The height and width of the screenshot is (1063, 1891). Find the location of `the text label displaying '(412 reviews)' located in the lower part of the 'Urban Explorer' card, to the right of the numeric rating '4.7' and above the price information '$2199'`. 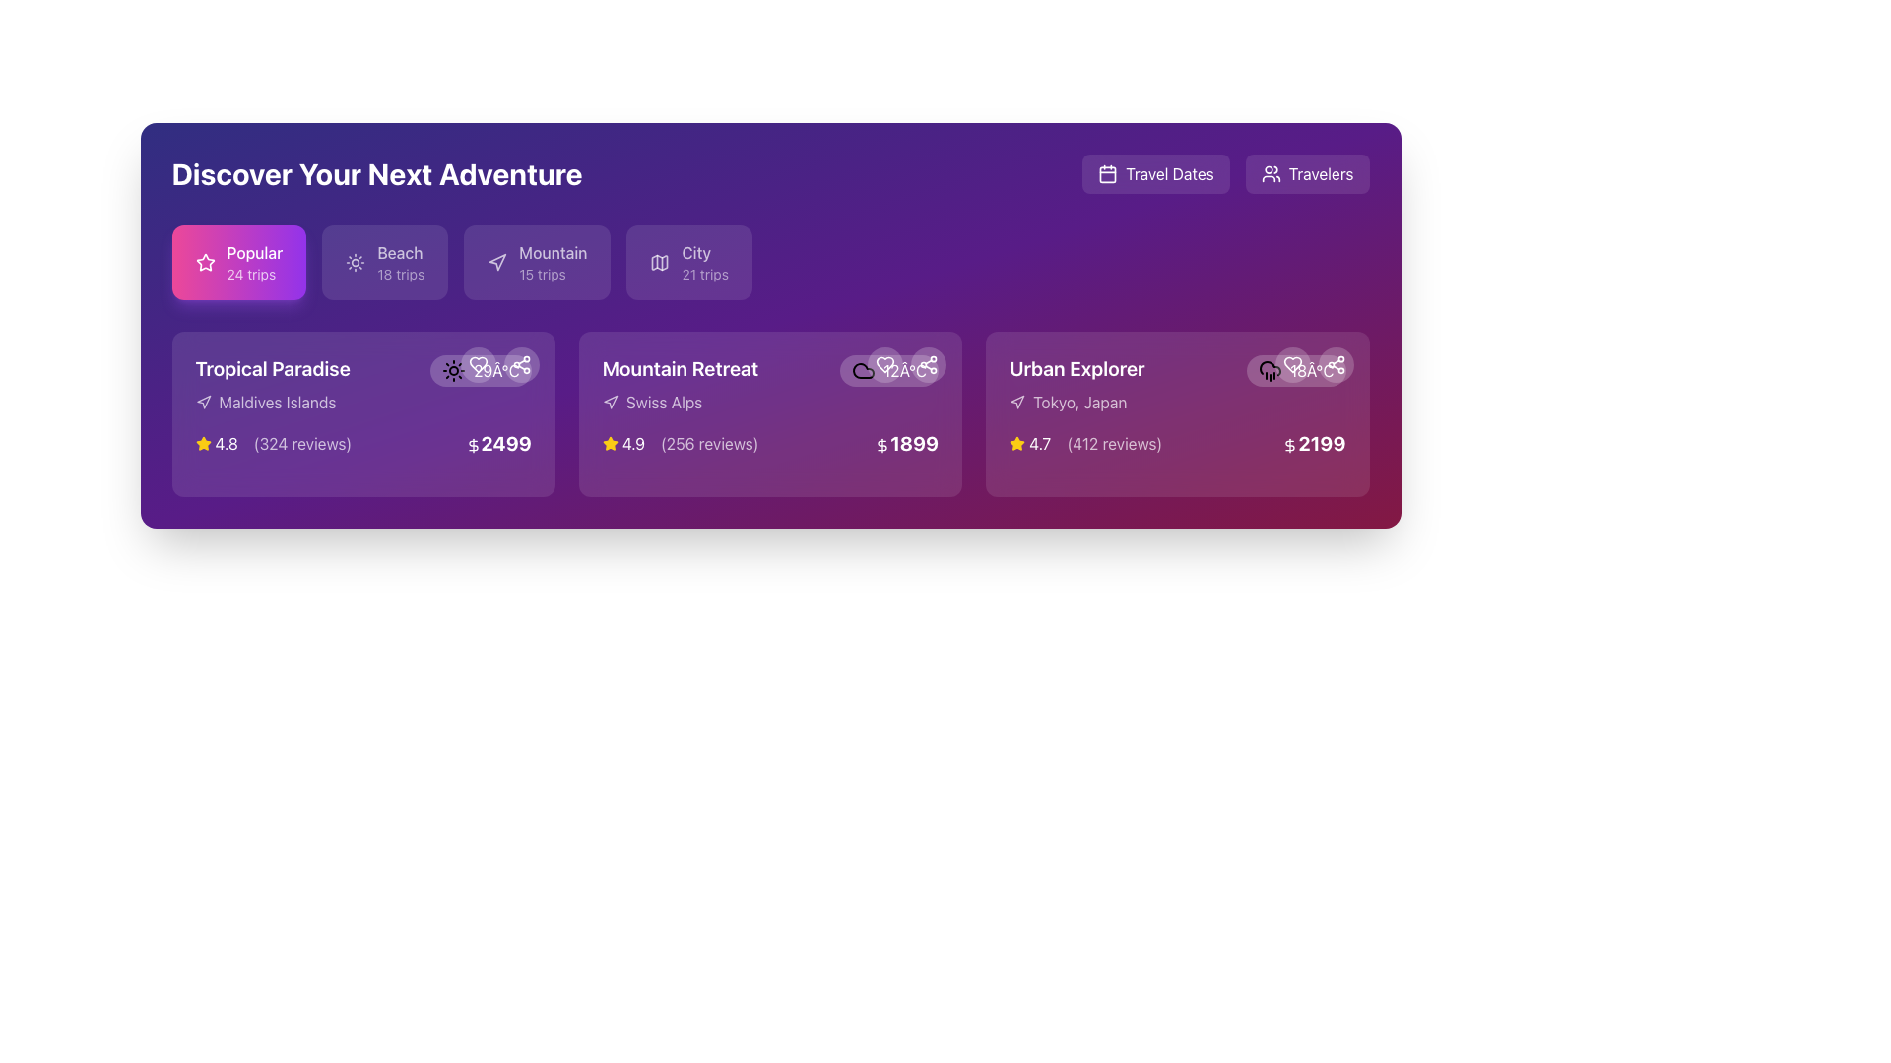

the text label displaying '(412 reviews)' located in the lower part of the 'Urban Explorer' card, to the right of the numeric rating '4.7' and above the price information '$2199' is located at coordinates (1114, 444).